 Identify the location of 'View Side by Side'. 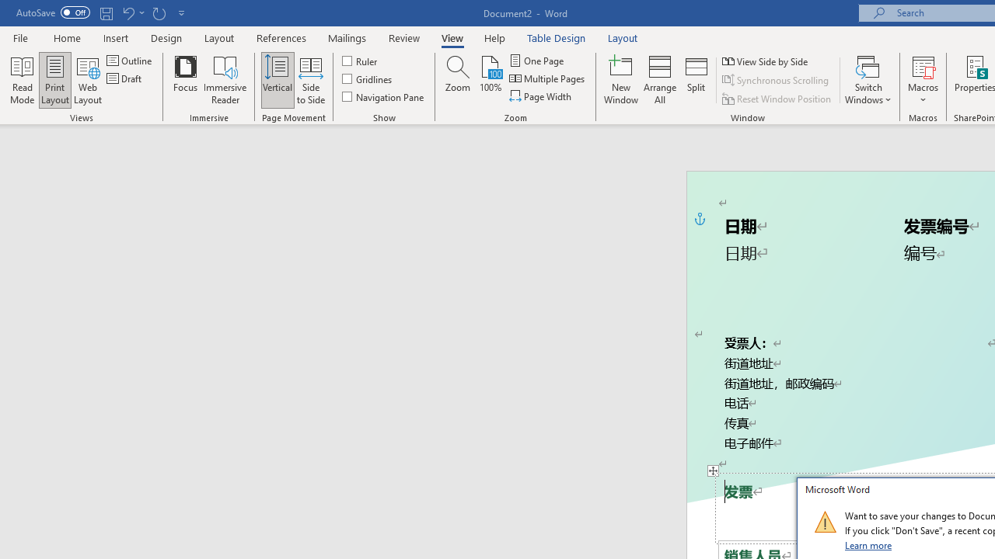
(766, 61).